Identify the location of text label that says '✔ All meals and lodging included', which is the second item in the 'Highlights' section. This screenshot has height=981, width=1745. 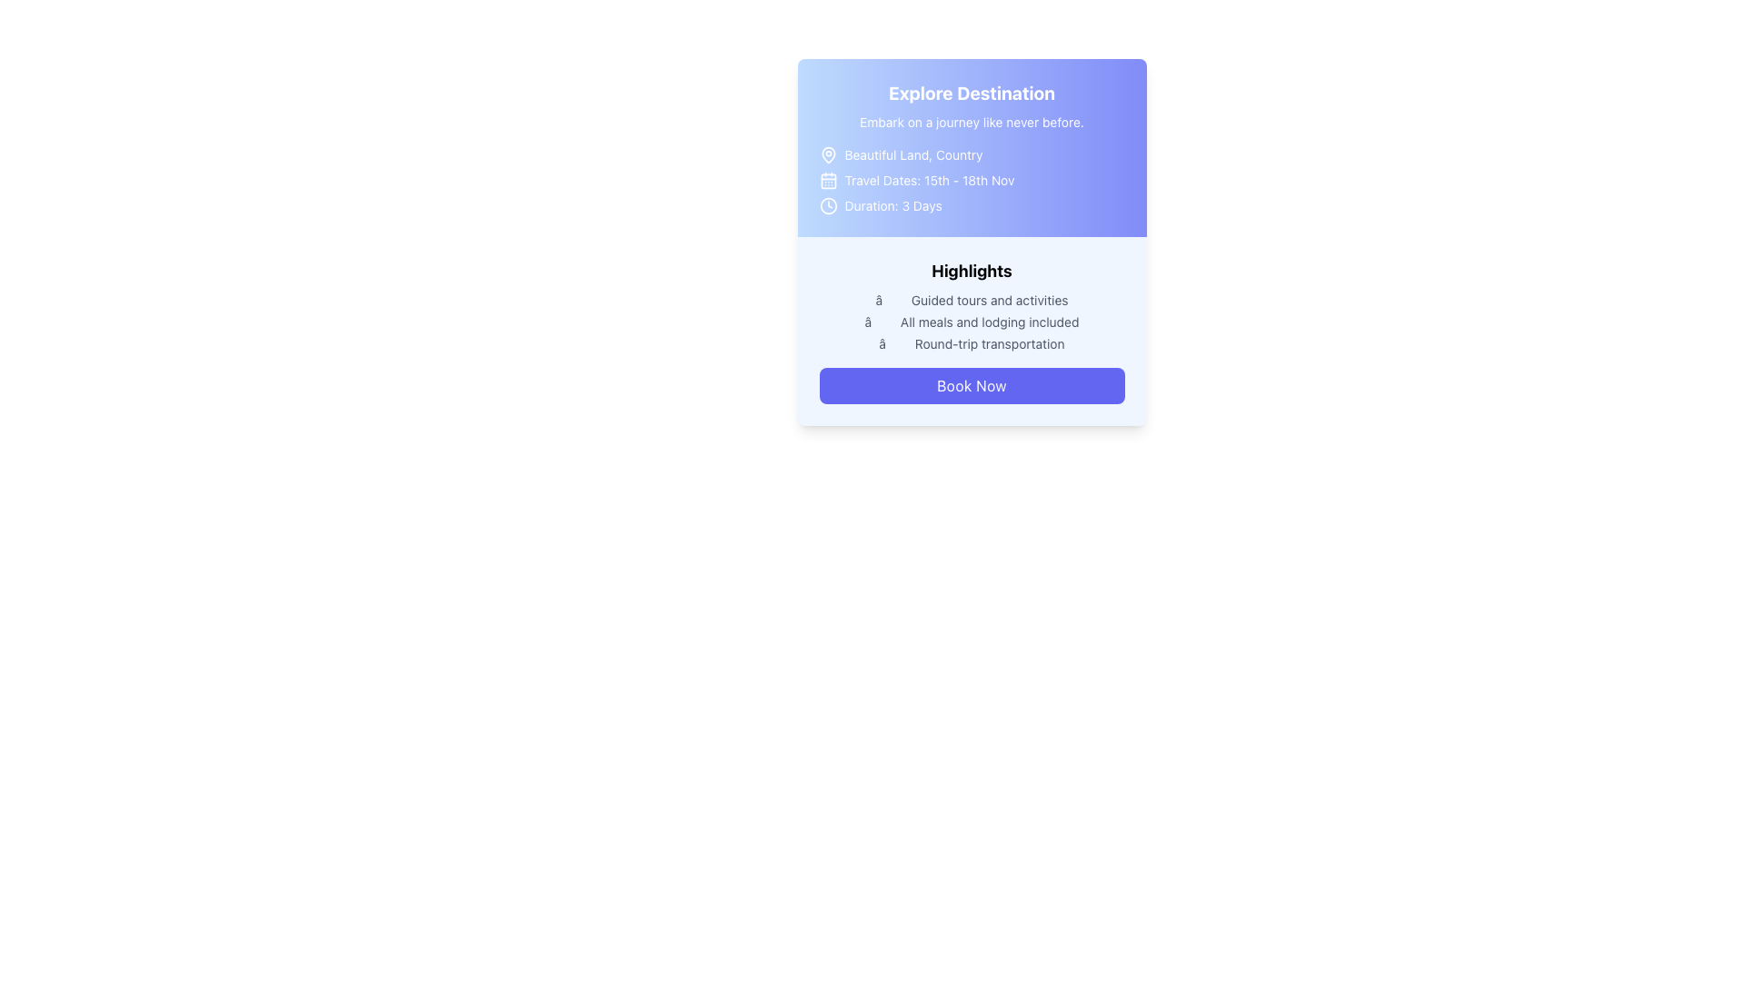
(971, 321).